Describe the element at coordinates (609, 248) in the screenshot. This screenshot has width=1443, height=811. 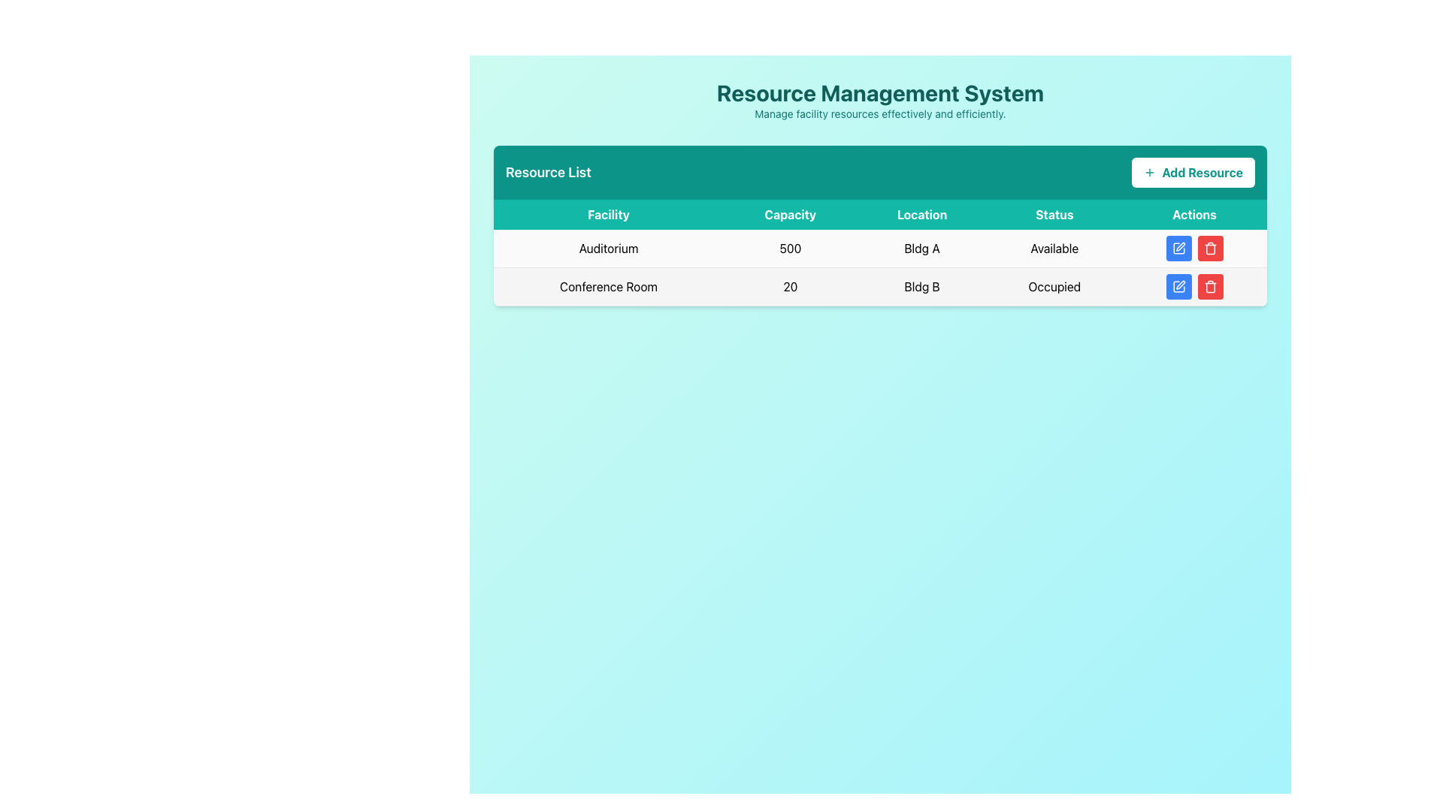
I see `text label that signifies the name or designation of a facility, located in the first row of the table under the header 'Facility'` at that location.